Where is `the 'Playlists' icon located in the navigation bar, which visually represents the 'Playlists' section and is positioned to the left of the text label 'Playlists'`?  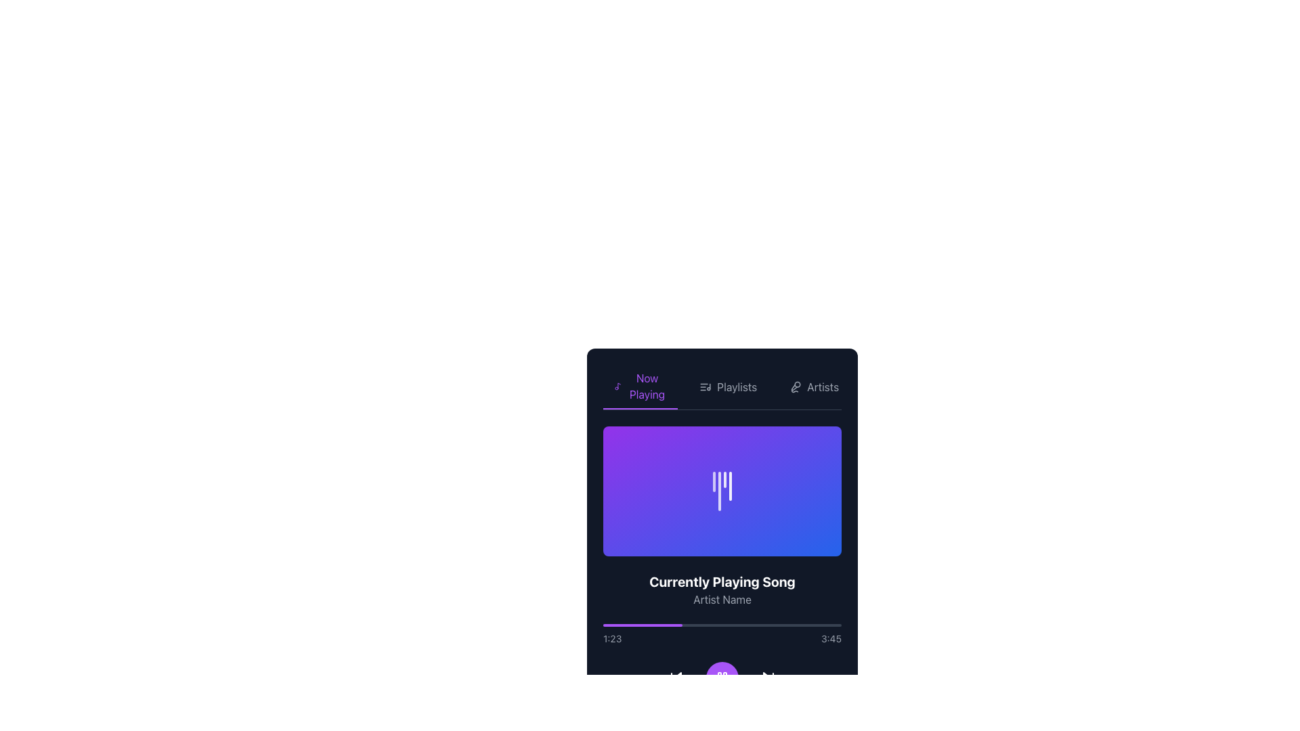 the 'Playlists' icon located in the navigation bar, which visually represents the 'Playlists' section and is positioned to the left of the text label 'Playlists' is located at coordinates (705, 386).